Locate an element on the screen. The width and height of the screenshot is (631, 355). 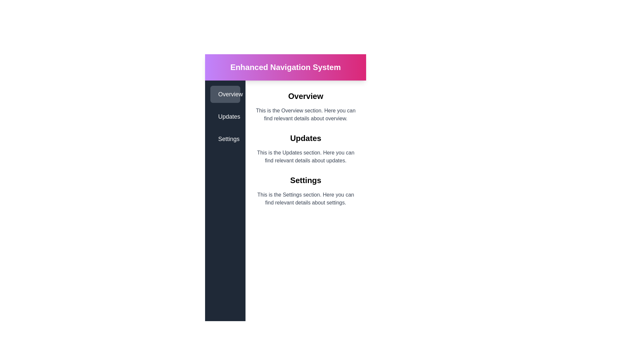
the descriptive Text Block located within the 'Settings' section, which provides guidance about its content and functionality is located at coordinates (305, 199).